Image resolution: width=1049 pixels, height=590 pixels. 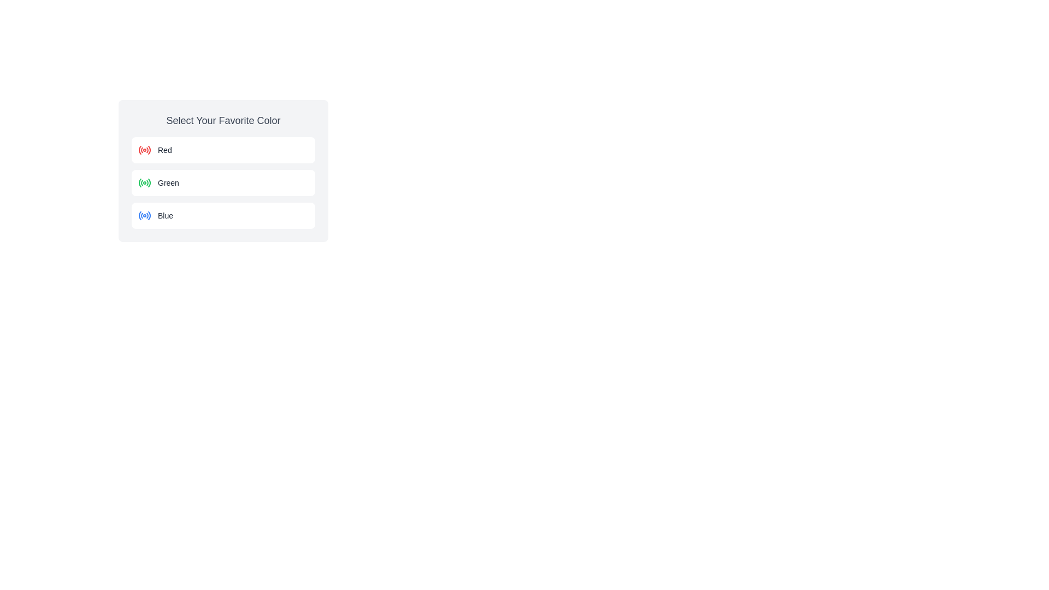 What do you see at coordinates (222, 215) in the screenshot?
I see `the third selectable option in the list, which is the radio option labeled 'Blue'` at bounding box center [222, 215].